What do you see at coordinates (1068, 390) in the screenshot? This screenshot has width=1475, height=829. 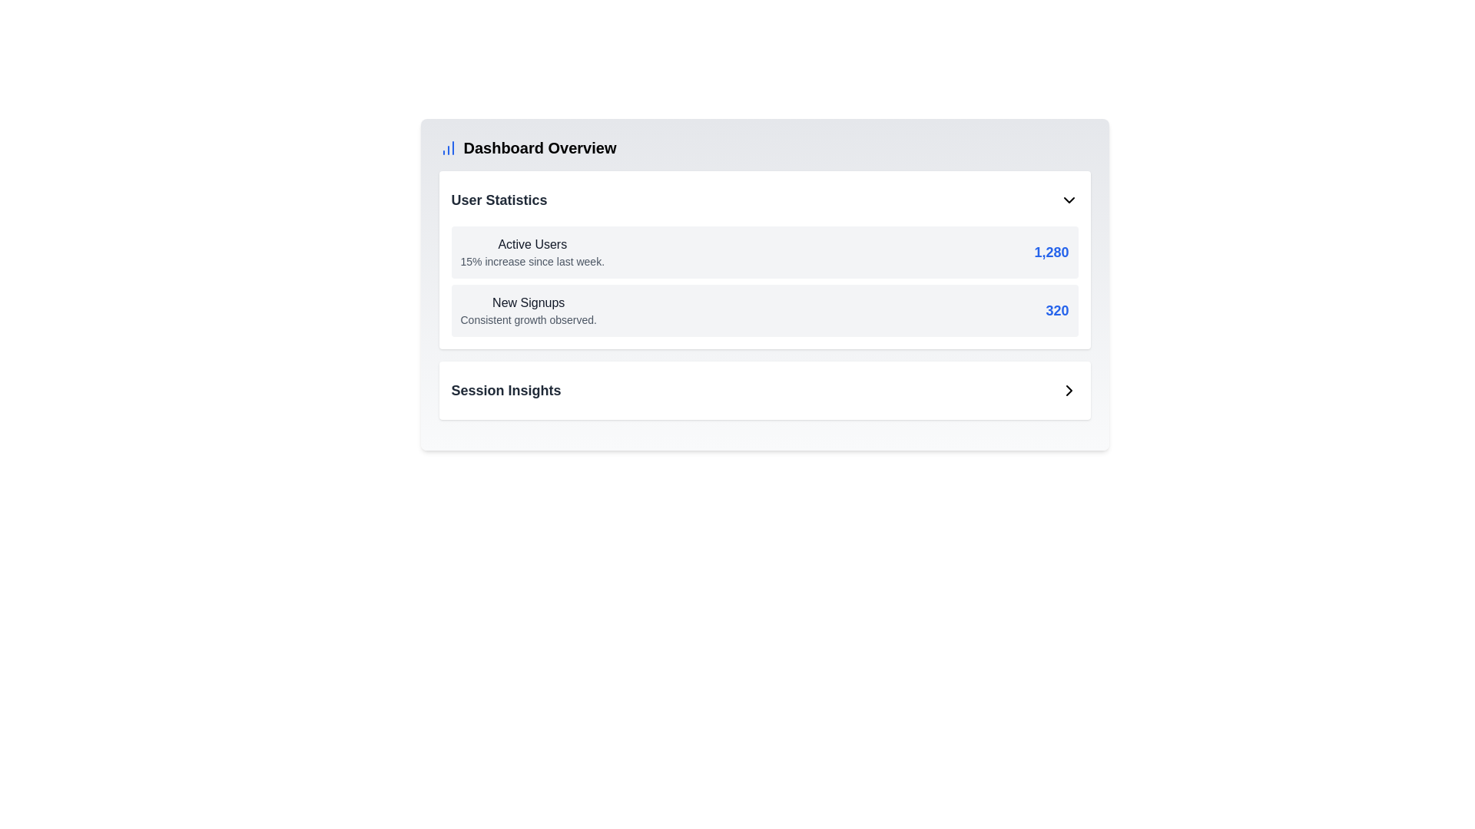 I see `the right-facing chevron arrow icon located in the bottom-right area of the 'Session Insights' card` at bounding box center [1068, 390].